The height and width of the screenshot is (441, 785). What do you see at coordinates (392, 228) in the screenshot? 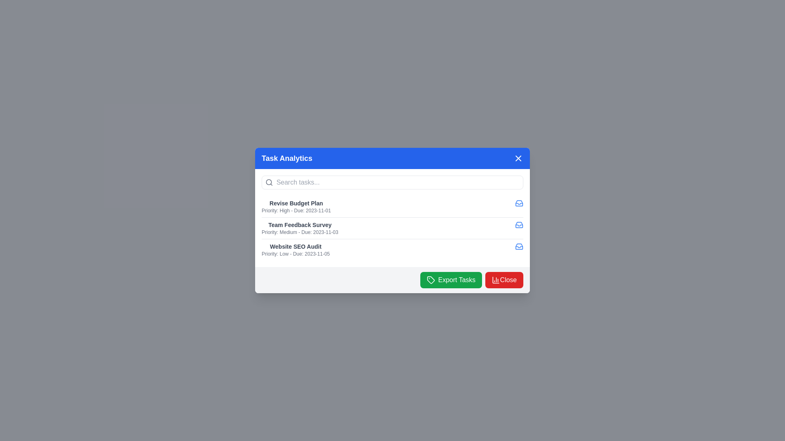
I see `the second task list item, which represents a specific task with details such as name, priority level, and due date` at bounding box center [392, 228].